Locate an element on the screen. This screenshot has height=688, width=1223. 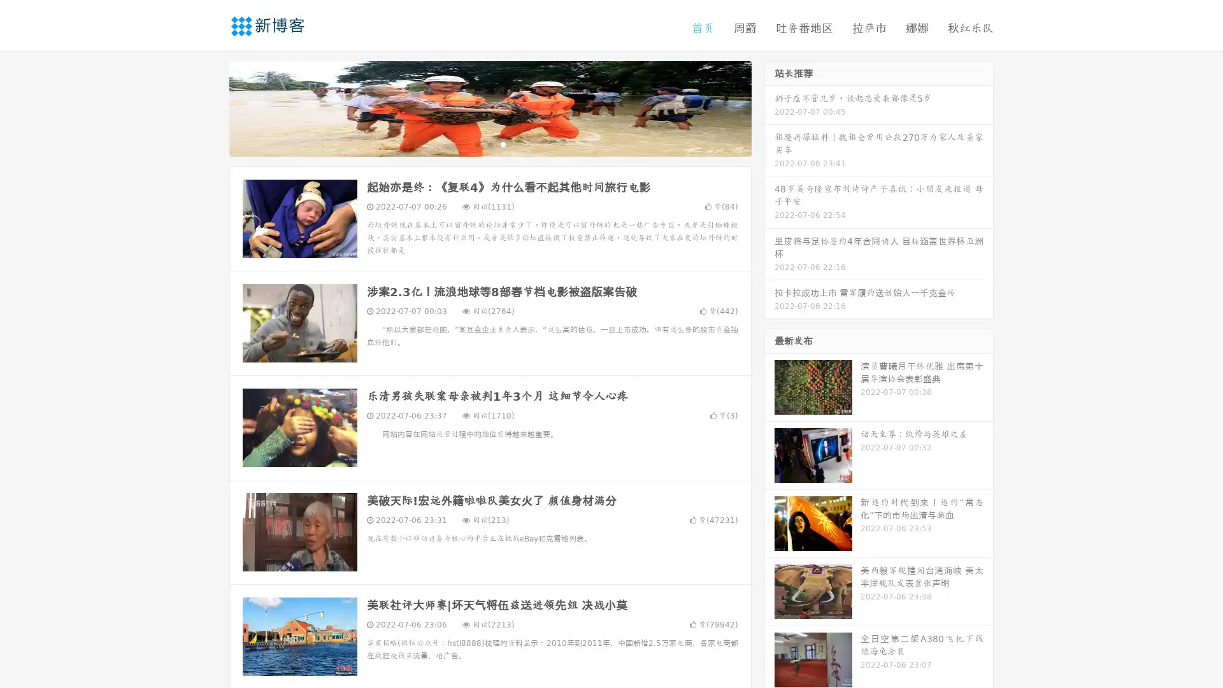
Go to slide 2 is located at coordinates (489, 143).